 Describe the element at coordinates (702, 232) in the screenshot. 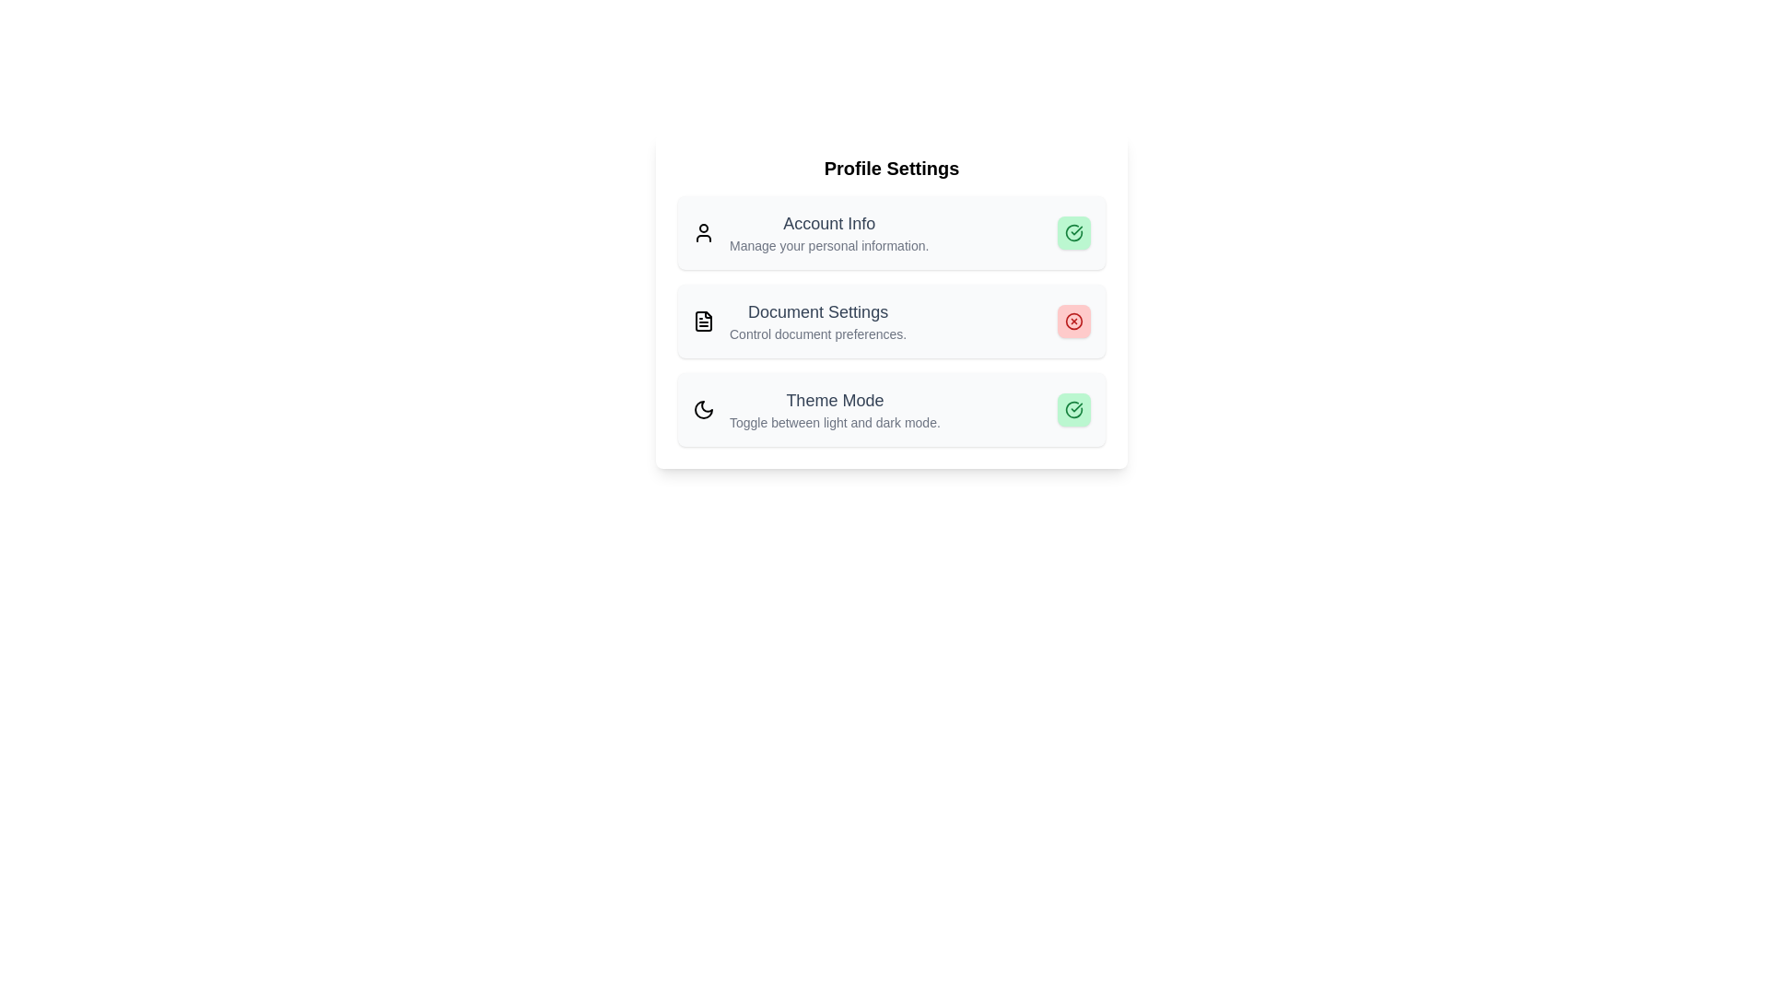

I see `the icon associated with the setting Account Info` at that location.